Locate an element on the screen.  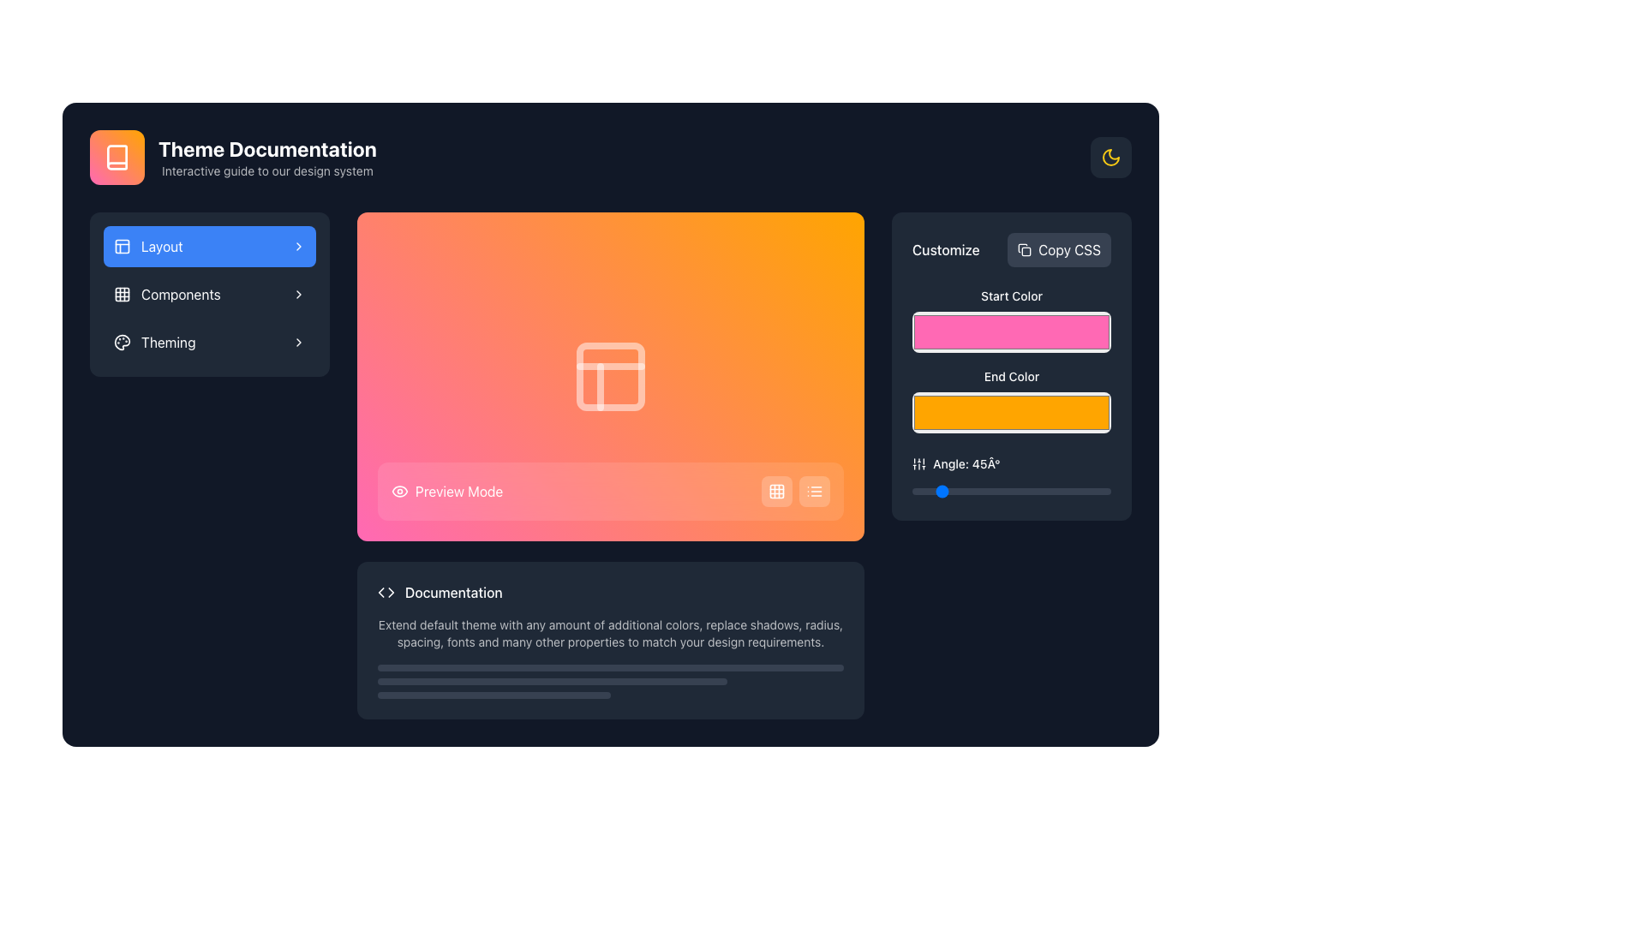
the grid icon button with a modern and minimalistic design located at the bottom right corner of the gradient preview area is located at coordinates (776, 492).